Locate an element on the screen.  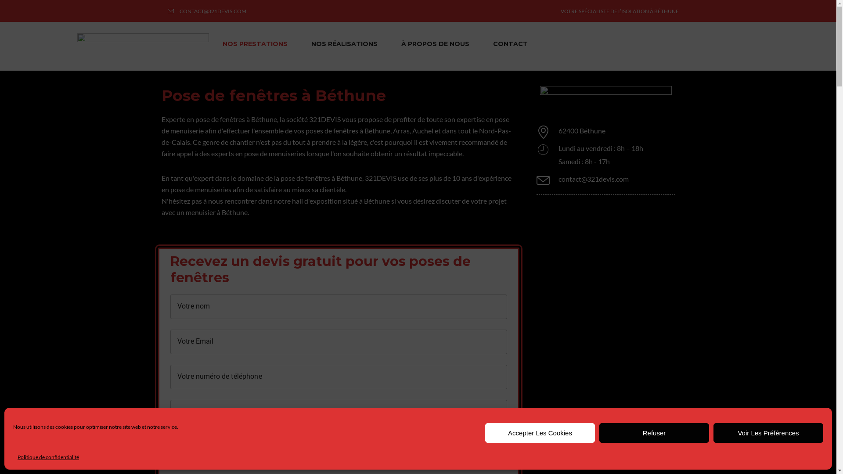
'Refuser' is located at coordinates (598, 432).